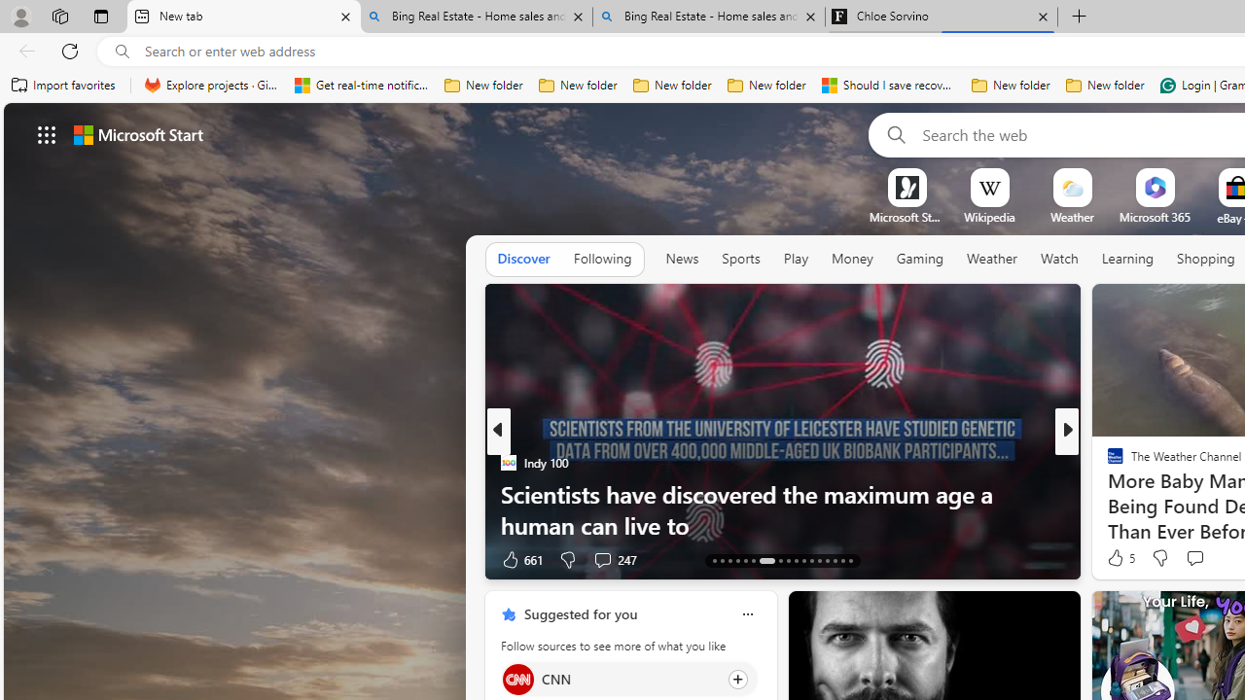  Describe the element at coordinates (744, 561) in the screenshot. I see `'AutomationID: tab-17'` at that location.